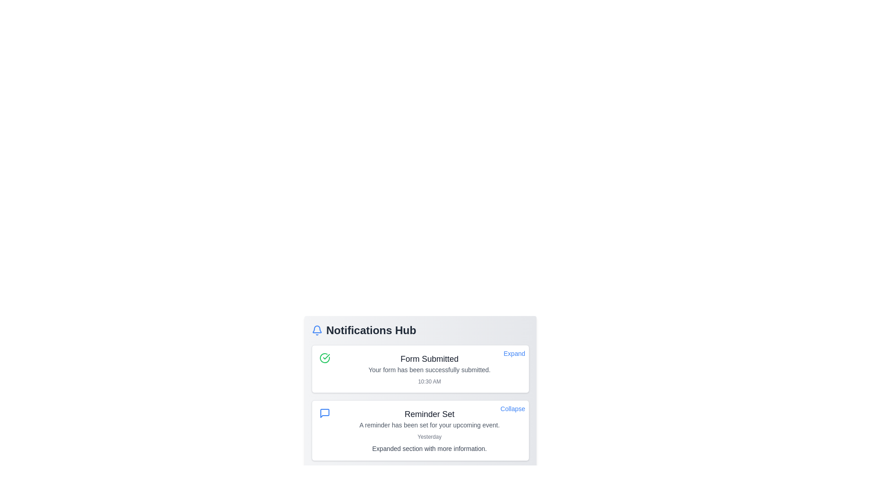 Image resolution: width=870 pixels, height=489 pixels. I want to click on the 'Collapse' text link in the top-right corner of the 'Reminder Set' notification card, which is styled in blue with an underline effect on hover, so click(512, 408).